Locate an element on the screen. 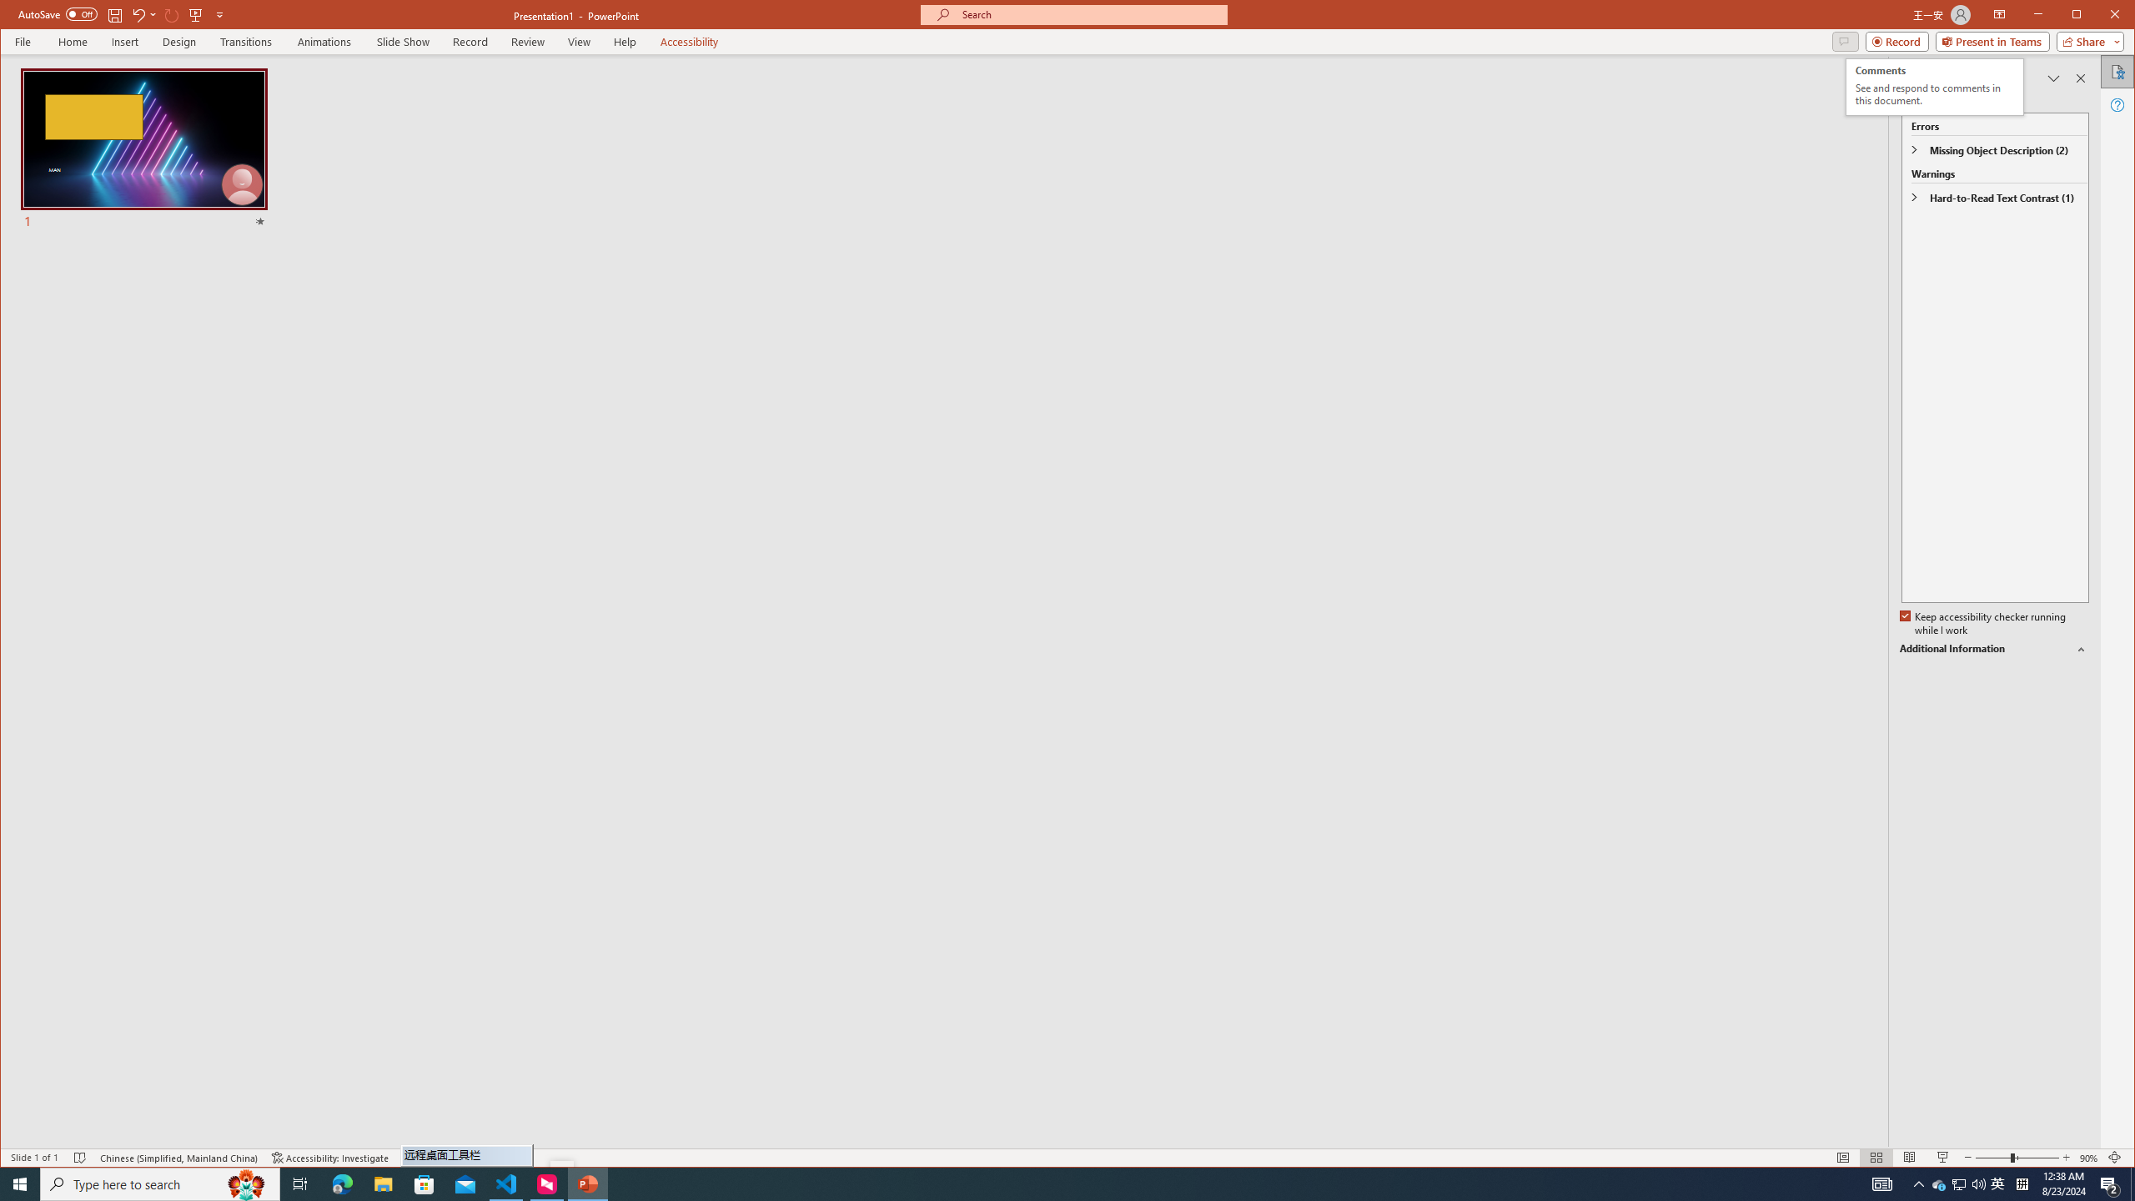 The width and height of the screenshot is (2135, 1201). 'Zoom 90%' is located at coordinates (1998, 1183).